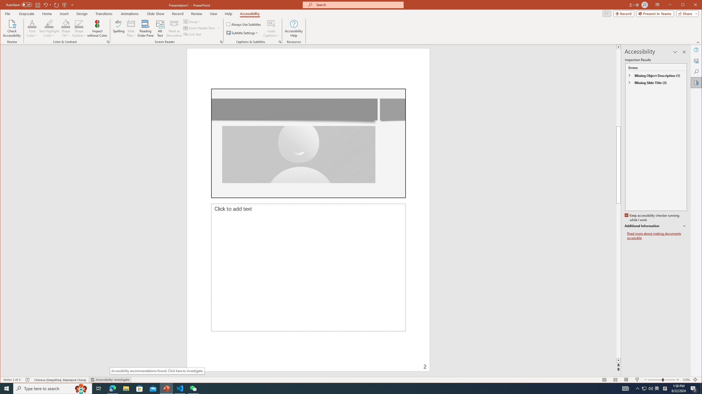 The image size is (702, 394). What do you see at coordinates (174, 28) in the screenshot?
I see `'Mark as Decorative'` at bounding box center [174, 28].